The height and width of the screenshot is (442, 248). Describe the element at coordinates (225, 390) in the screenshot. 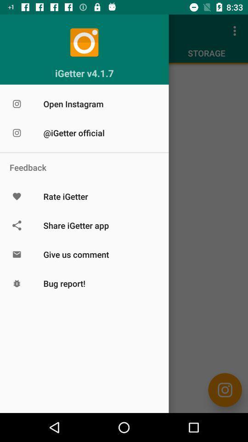

I see `the photo icon` at that location.